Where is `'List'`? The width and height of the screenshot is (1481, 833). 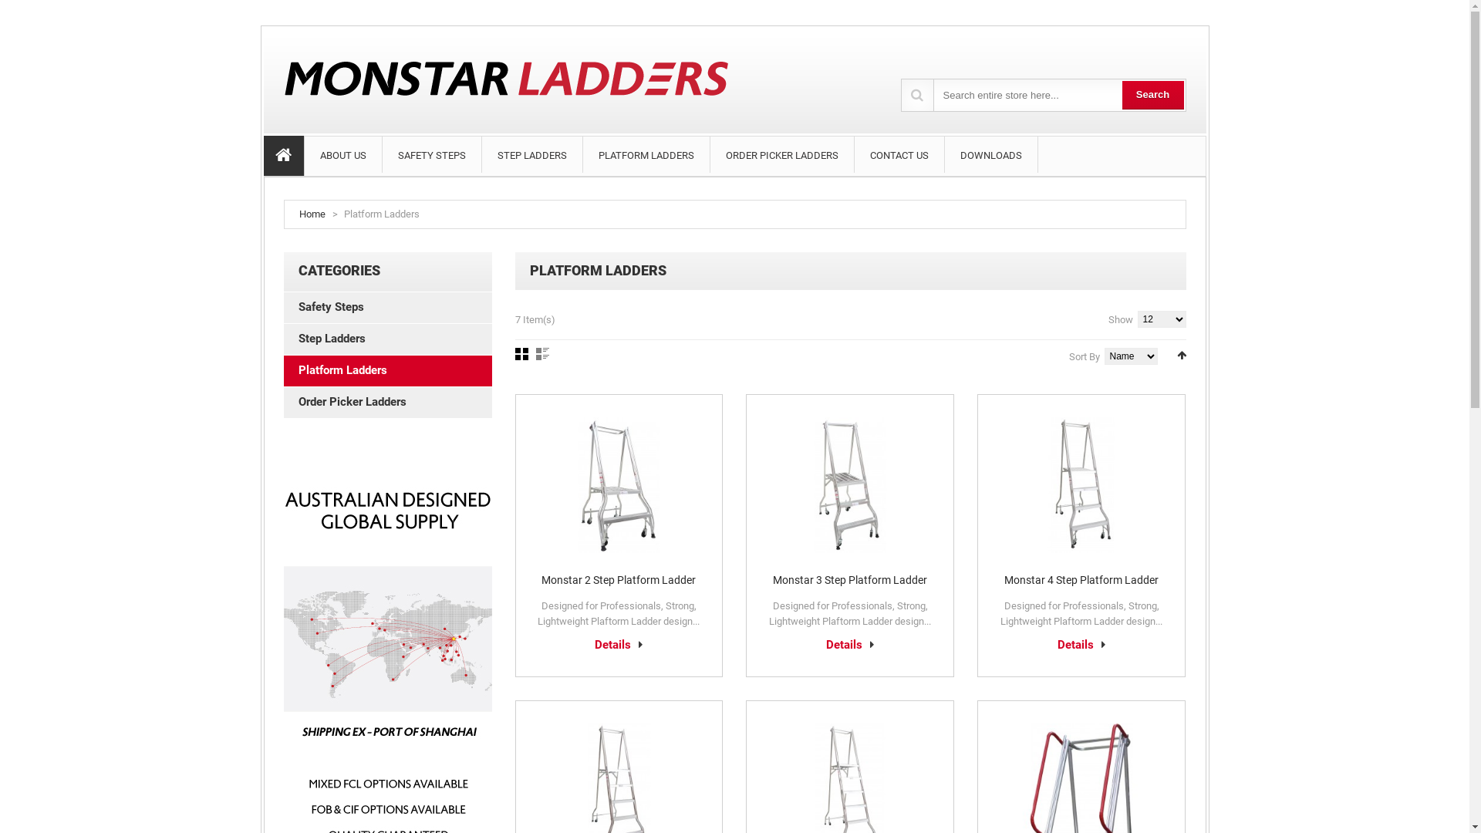
'List' is located at coordinates (541, 354).